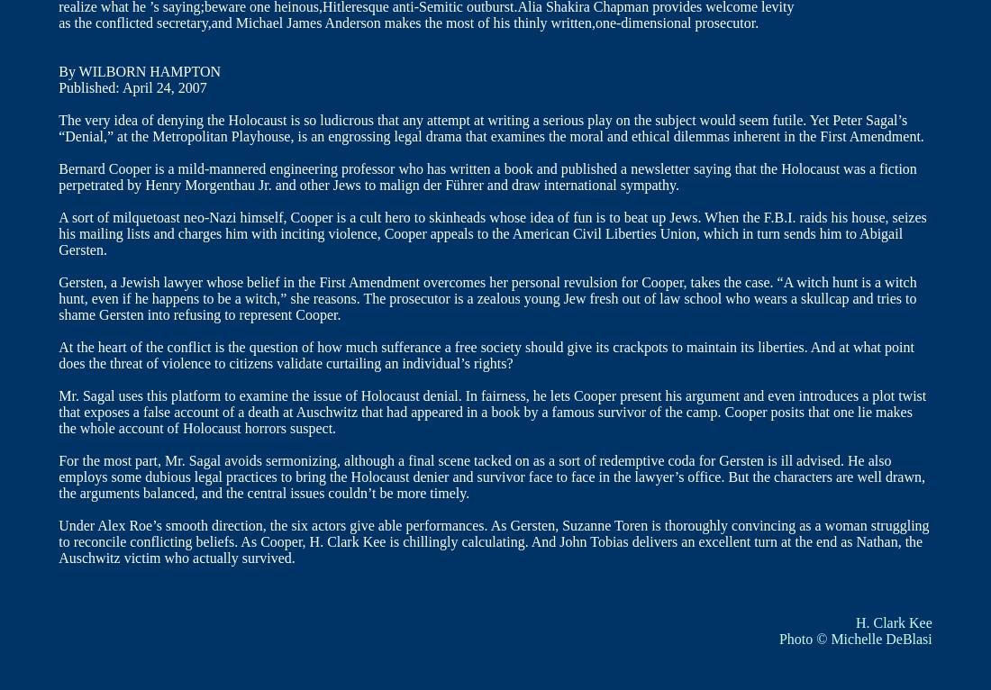 The image size is (991, 690). What do you see at coordinates (486, 354) in the screenshot?
I see `'At the heart of the conflict is the question of how much sufferance a
free society should give its crackpots to maintain its liberties. And
at what point does the threat of violence to citizens validate
curtailing an individual’s rights?'` at bounding box center [486, 354].